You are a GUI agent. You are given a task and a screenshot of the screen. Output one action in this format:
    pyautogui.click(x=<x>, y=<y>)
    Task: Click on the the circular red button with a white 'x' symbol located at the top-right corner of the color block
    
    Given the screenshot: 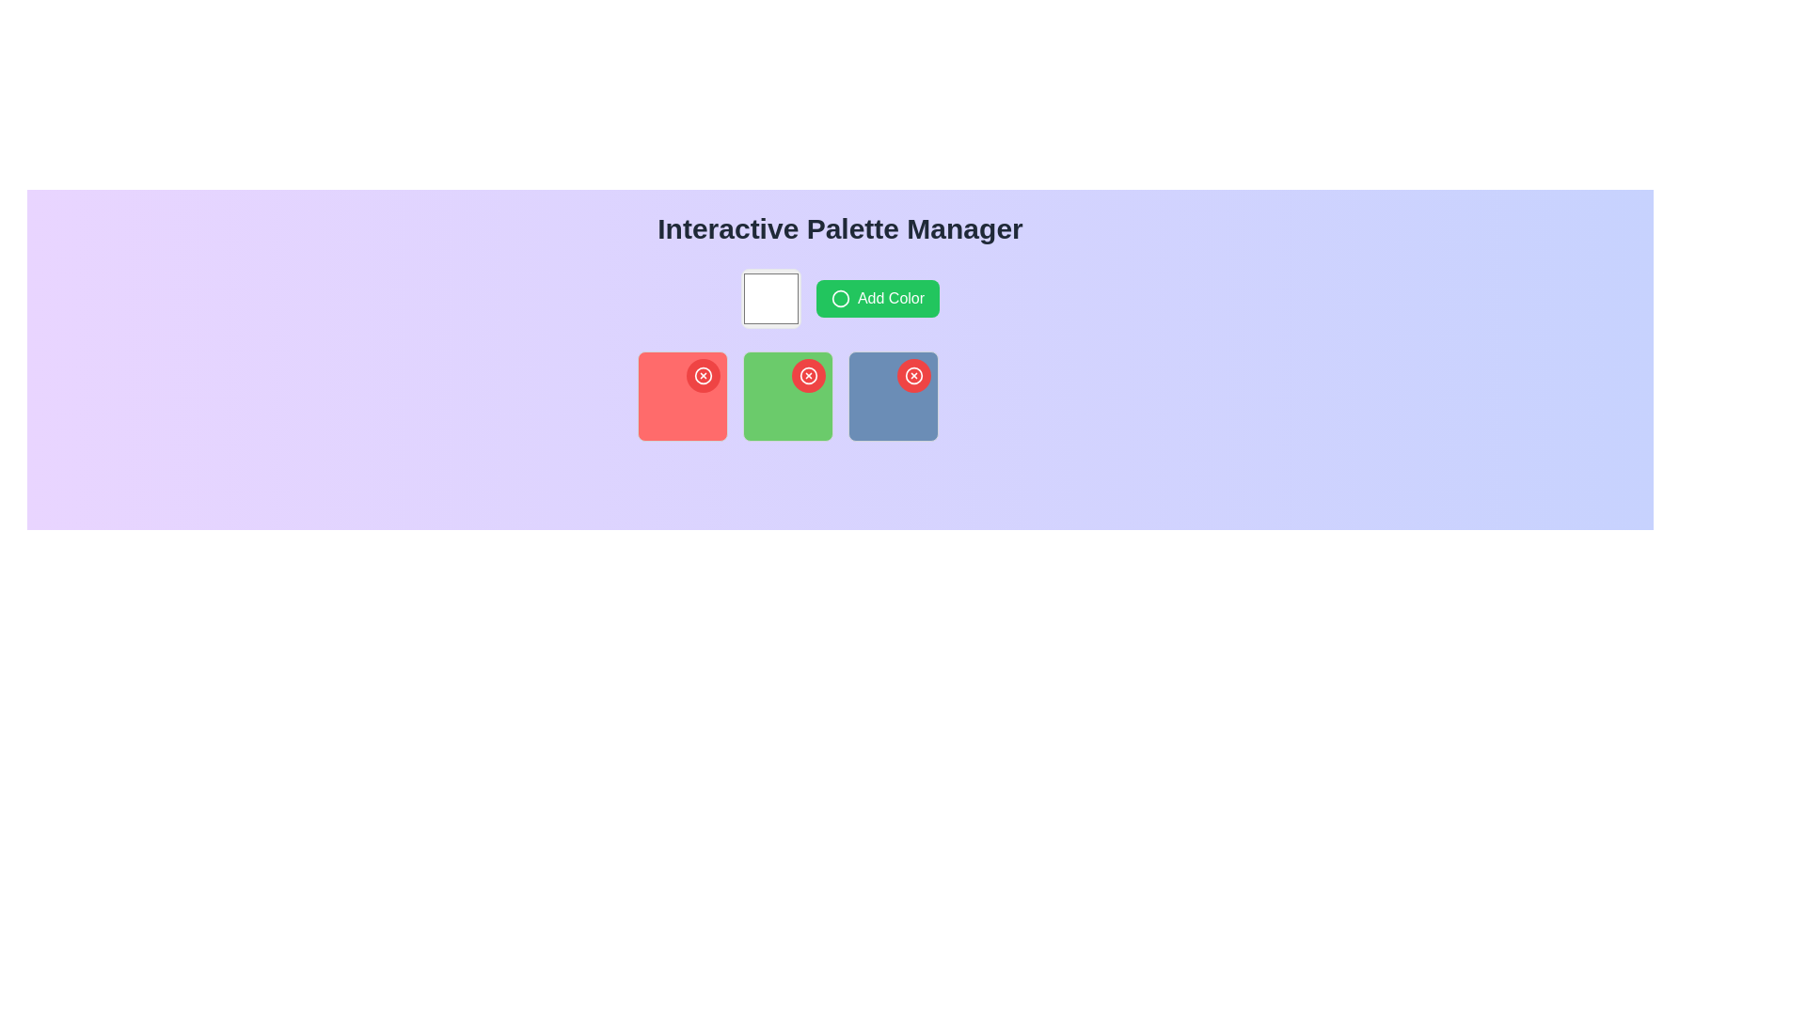 What is the action you would take?
    pyautogui.click(x=702, y=376)
    